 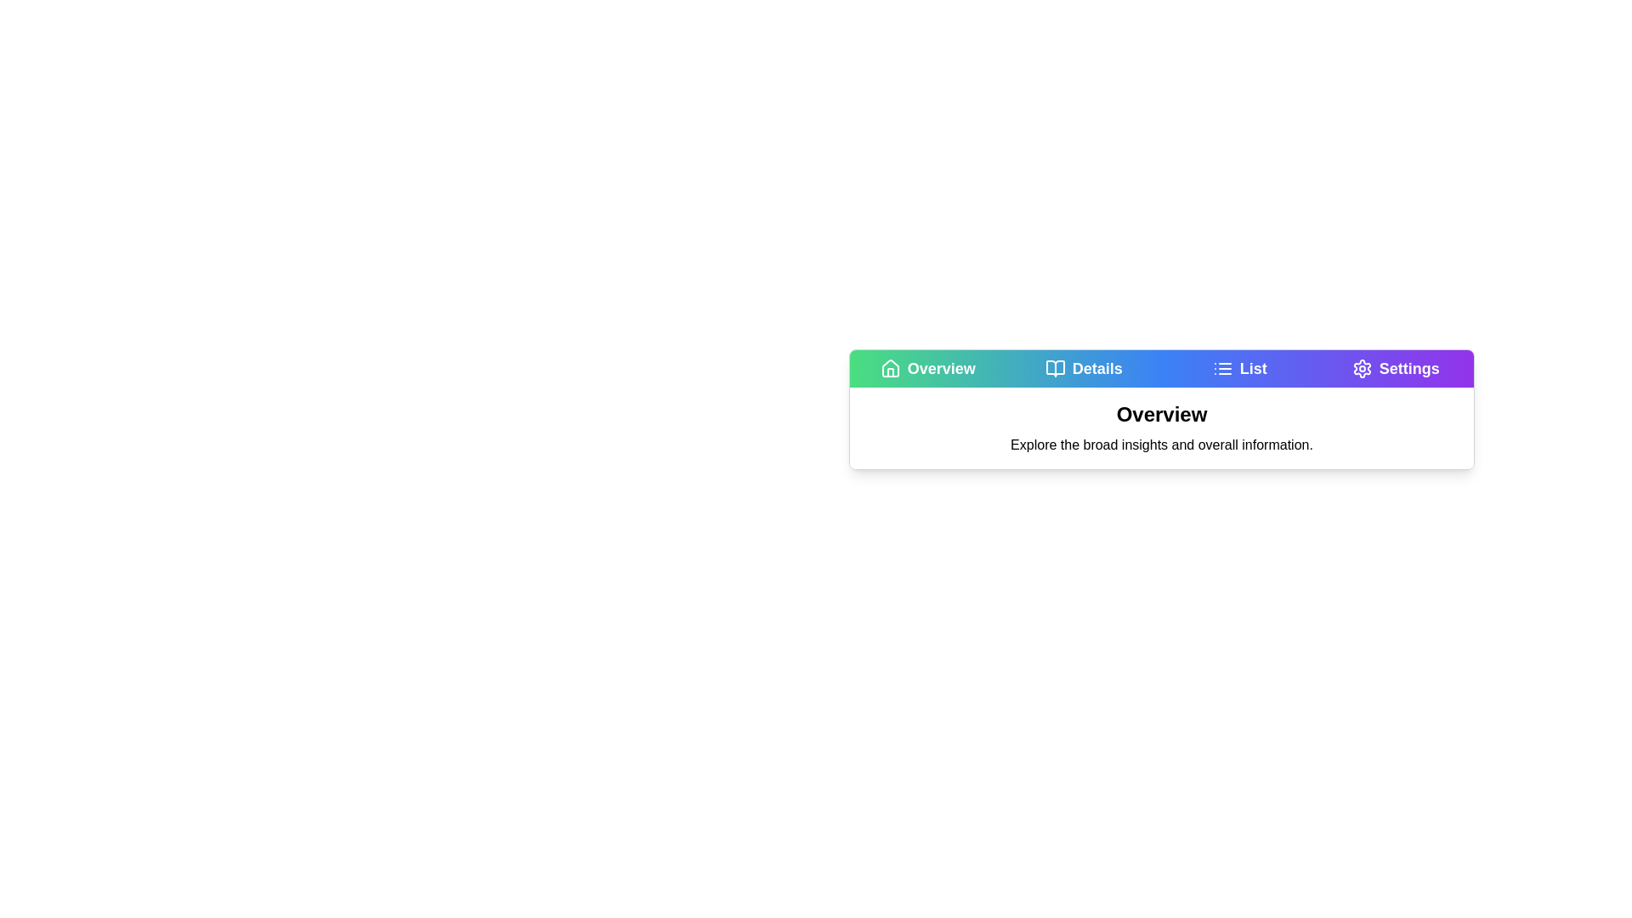 What do you see at coordinates (1083, 368) in the screenshot?
I see `the 'Details' button, which is a rectangular button with a gradient background from green to purple and an open book icon next to the text` at bounding box center [1083, 368].